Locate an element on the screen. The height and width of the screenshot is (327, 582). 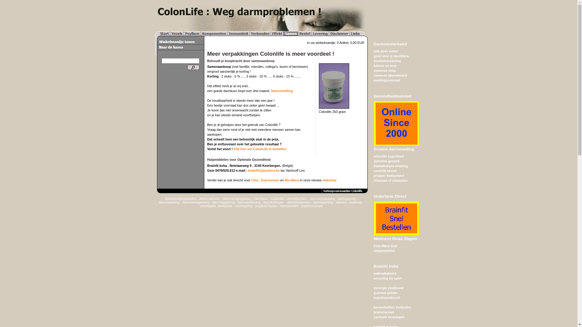
'vianesse shop' is located at coordinates (384, 70).